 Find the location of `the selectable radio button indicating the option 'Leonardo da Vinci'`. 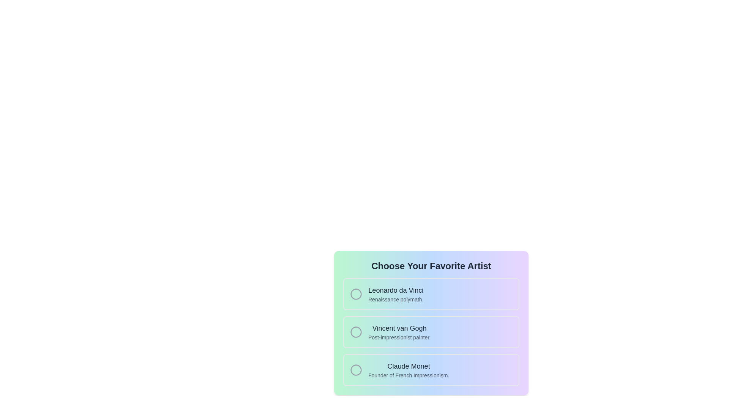

the selectable radio button indicating the option 'Leonardo da Vinci' is located at coordinates (355, 294).